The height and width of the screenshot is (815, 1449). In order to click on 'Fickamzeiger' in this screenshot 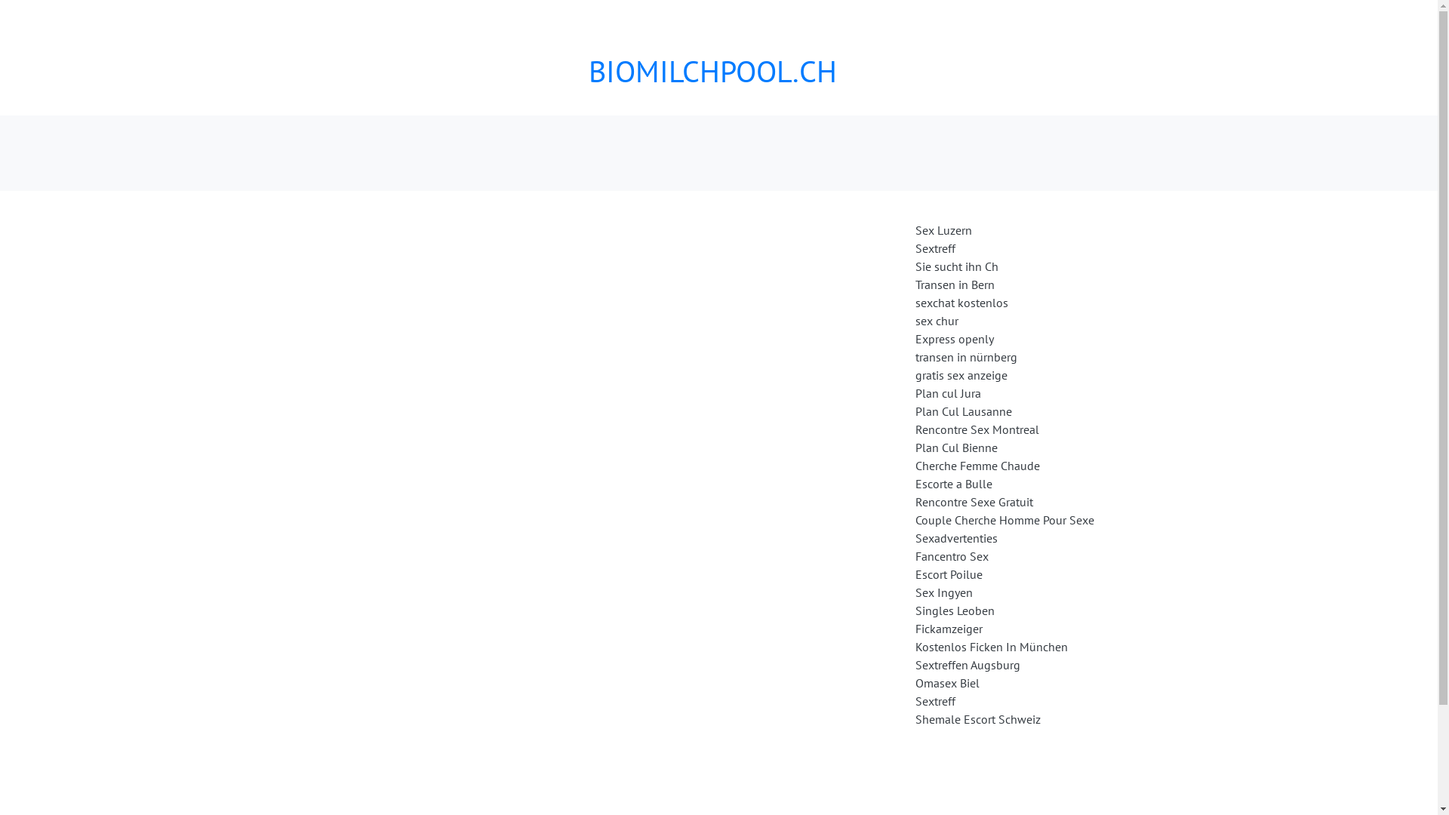, I will do `click(913, 629)`.